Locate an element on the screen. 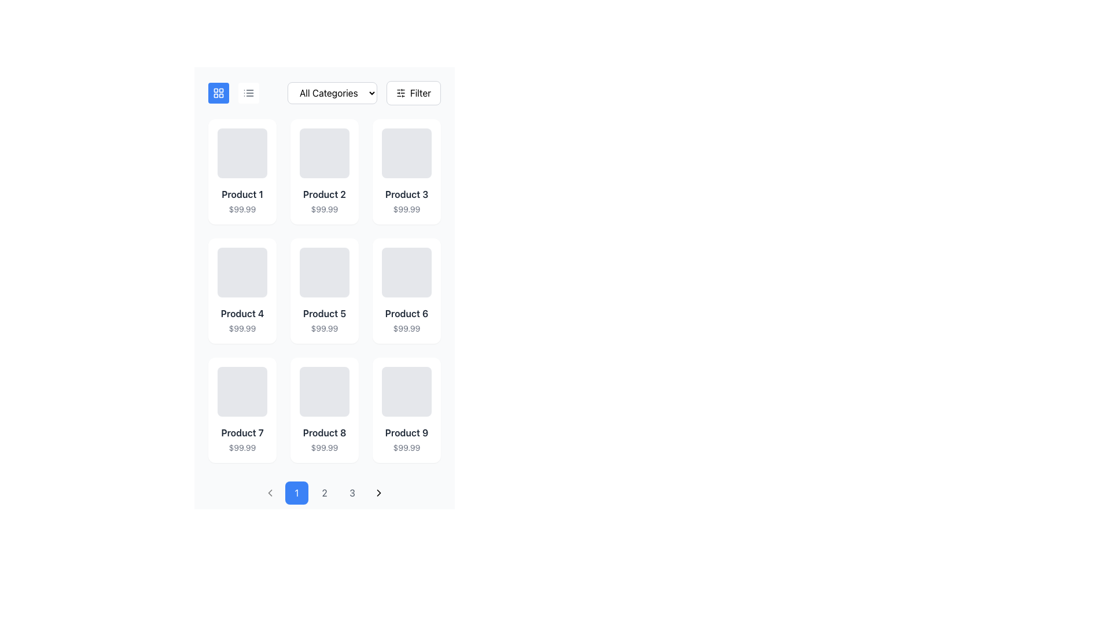 The image size is (1111, 625). the text label displaying 'Product 4' in bold font and dark color, located in the second row and first column of the product card layout is located at coordinates (241, 314).